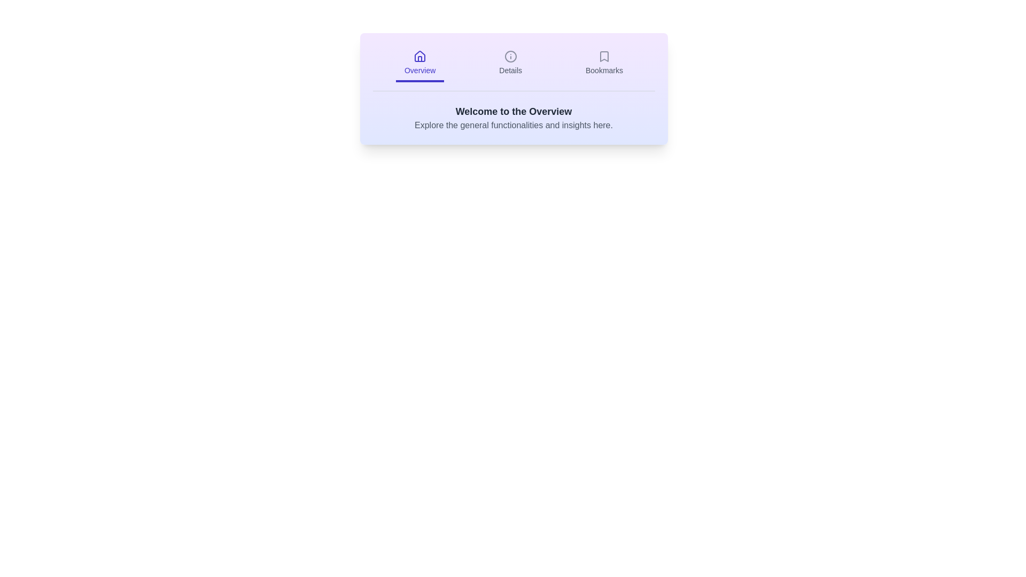 Image resolution: width=1026 pixels, height=577 pixels. What do you see at coordinates (604, 64) in the screenshot?
I see `the third Navigation item in the horizontal navigation bar, which features a bookmark icon and the text 'Bookmarks'` at bounding box center [604, 64].